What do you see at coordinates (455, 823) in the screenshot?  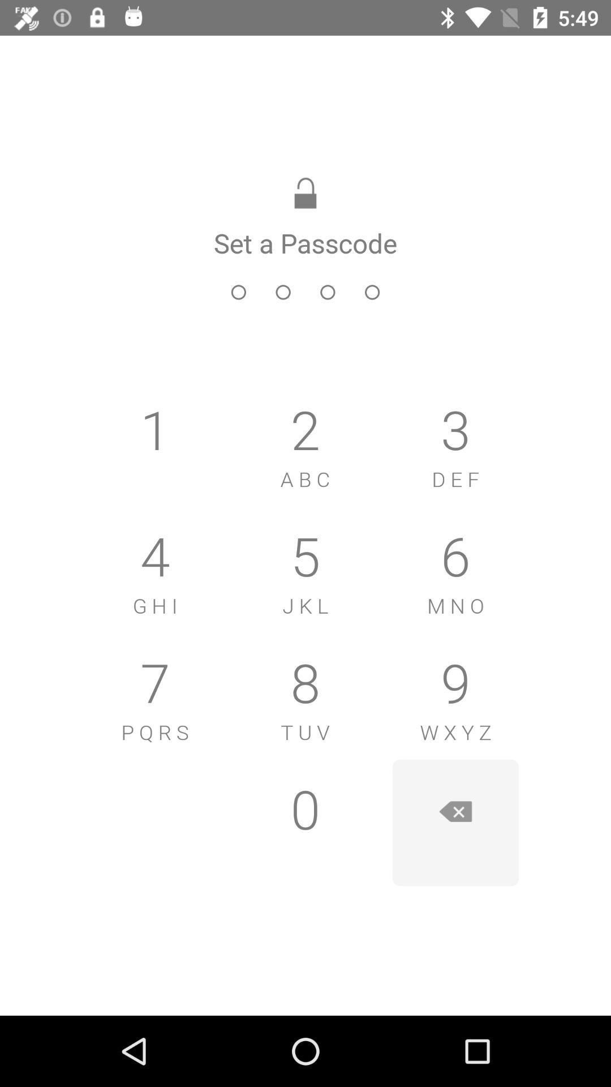 I see `the symbol next to zero` at bounding box center [455, 823].